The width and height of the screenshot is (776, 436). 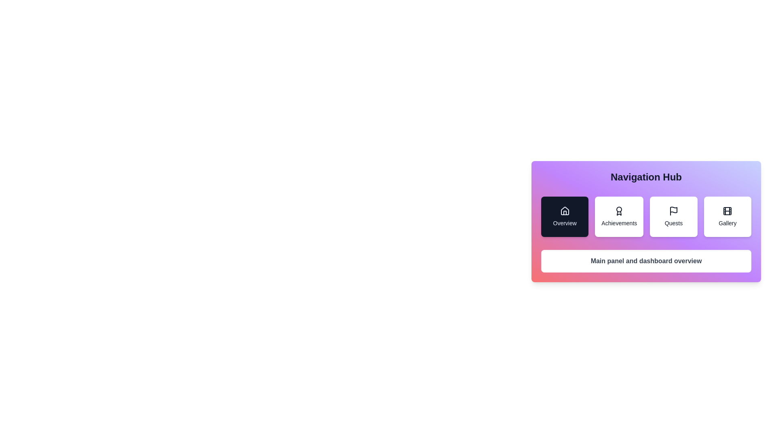 I want to click on the 'Gallery' icon element, which is a rectangular icon resembling a filmstrip with a label 'Gallery' below it, located in the last section of the navigation hub, so click(x=727, y=211).